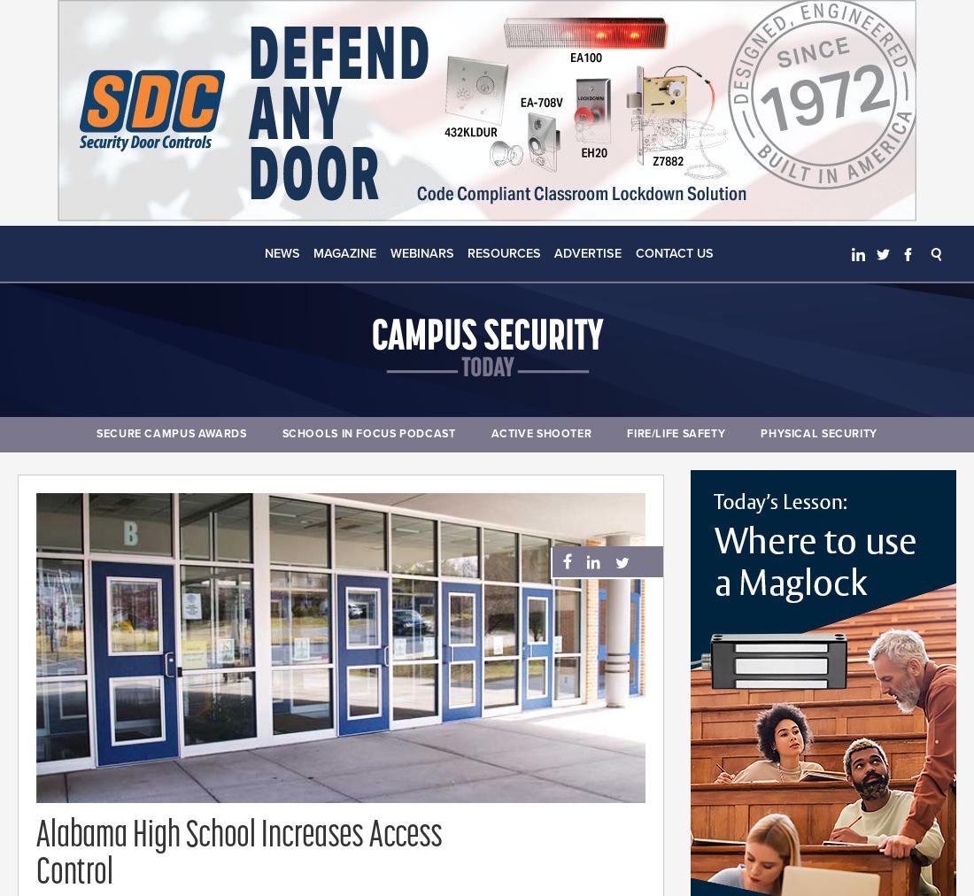 The height and width of the screenshot is (896, 974). What do you see at coordinates (281, 252) in the screenshot?
I see `'News'` at bounding box center [281, 252].